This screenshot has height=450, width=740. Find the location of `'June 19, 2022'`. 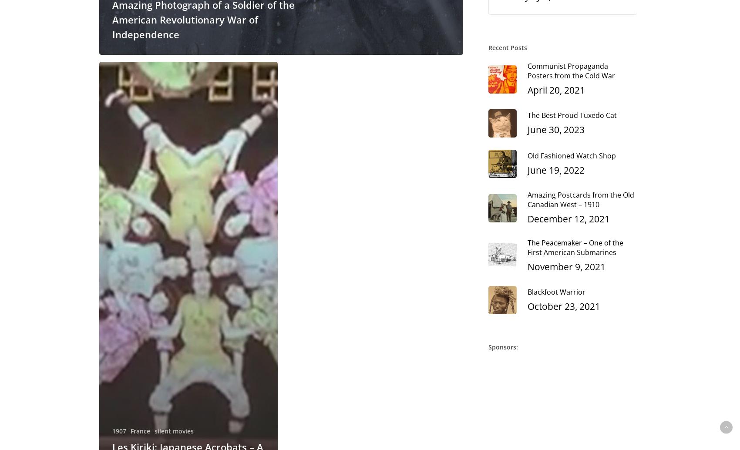

'June 19, 2022' is located at coordinates (527, 169).